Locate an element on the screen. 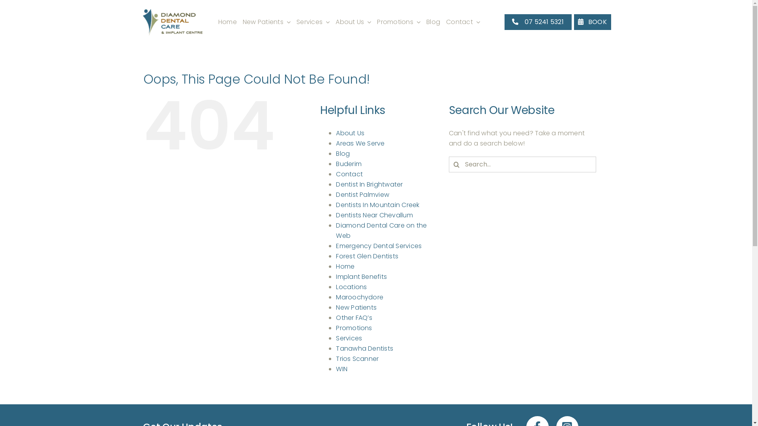 Image resolution: width=758 pixels, height=426 pixels. 'Implant Benefits' is located at coordinates (361, 276).